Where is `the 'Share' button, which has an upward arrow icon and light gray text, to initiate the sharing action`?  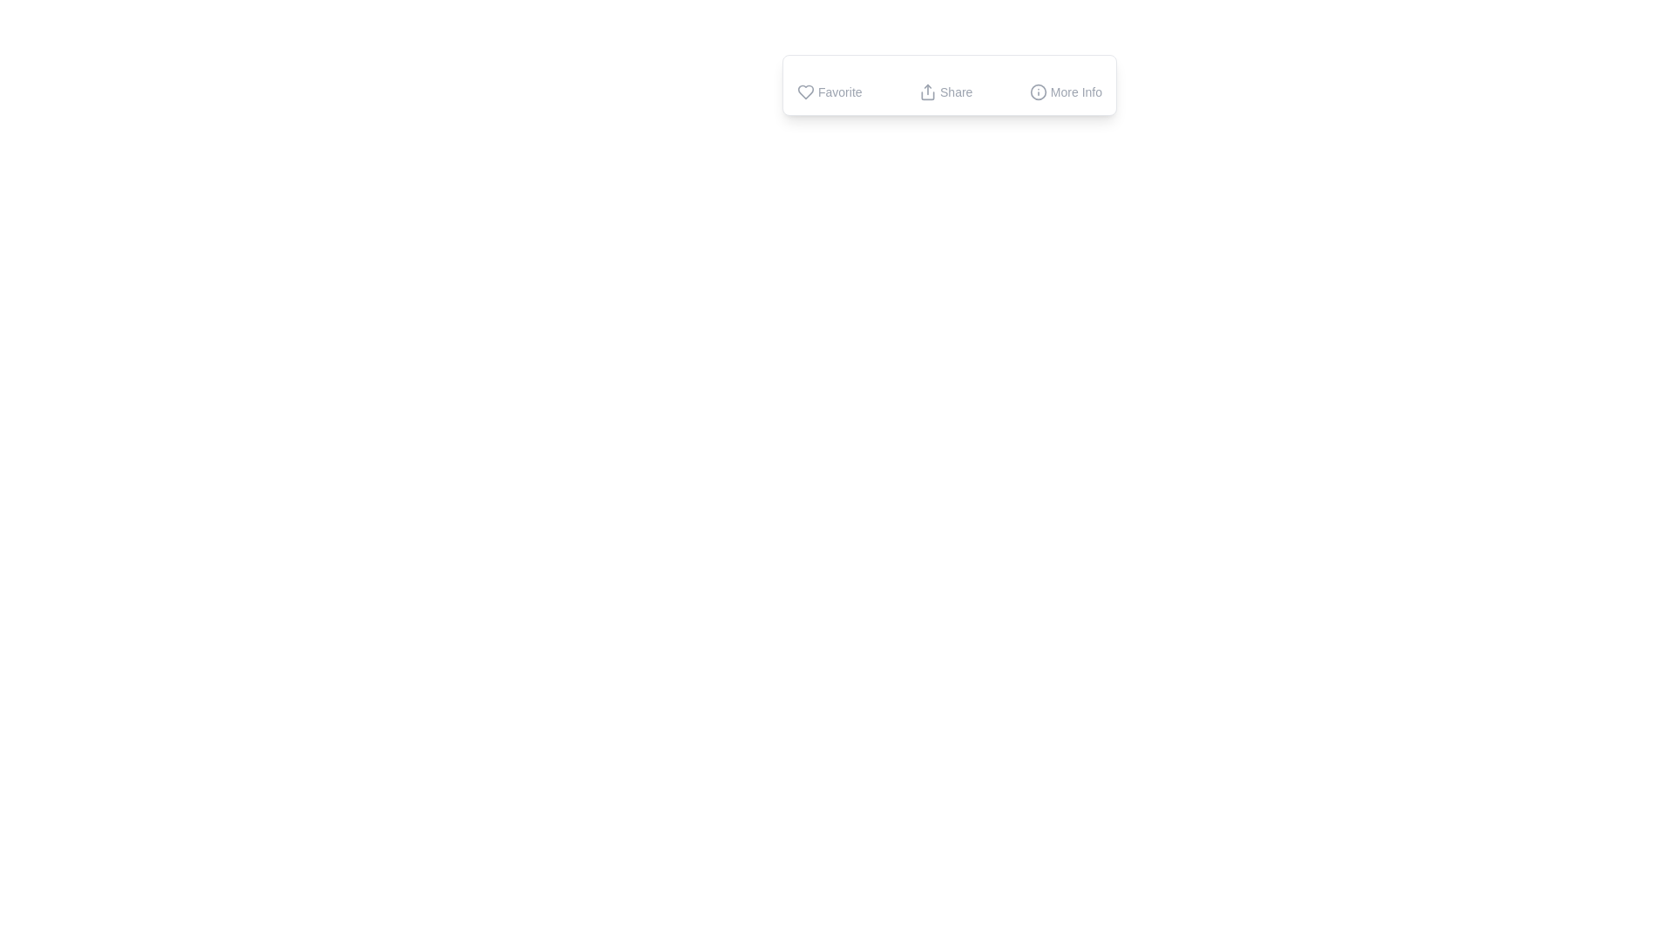 the 'Share' button, which has an upward arrow icon and light gray text, to initiate the sharing action is located at coordinates (945, 91).